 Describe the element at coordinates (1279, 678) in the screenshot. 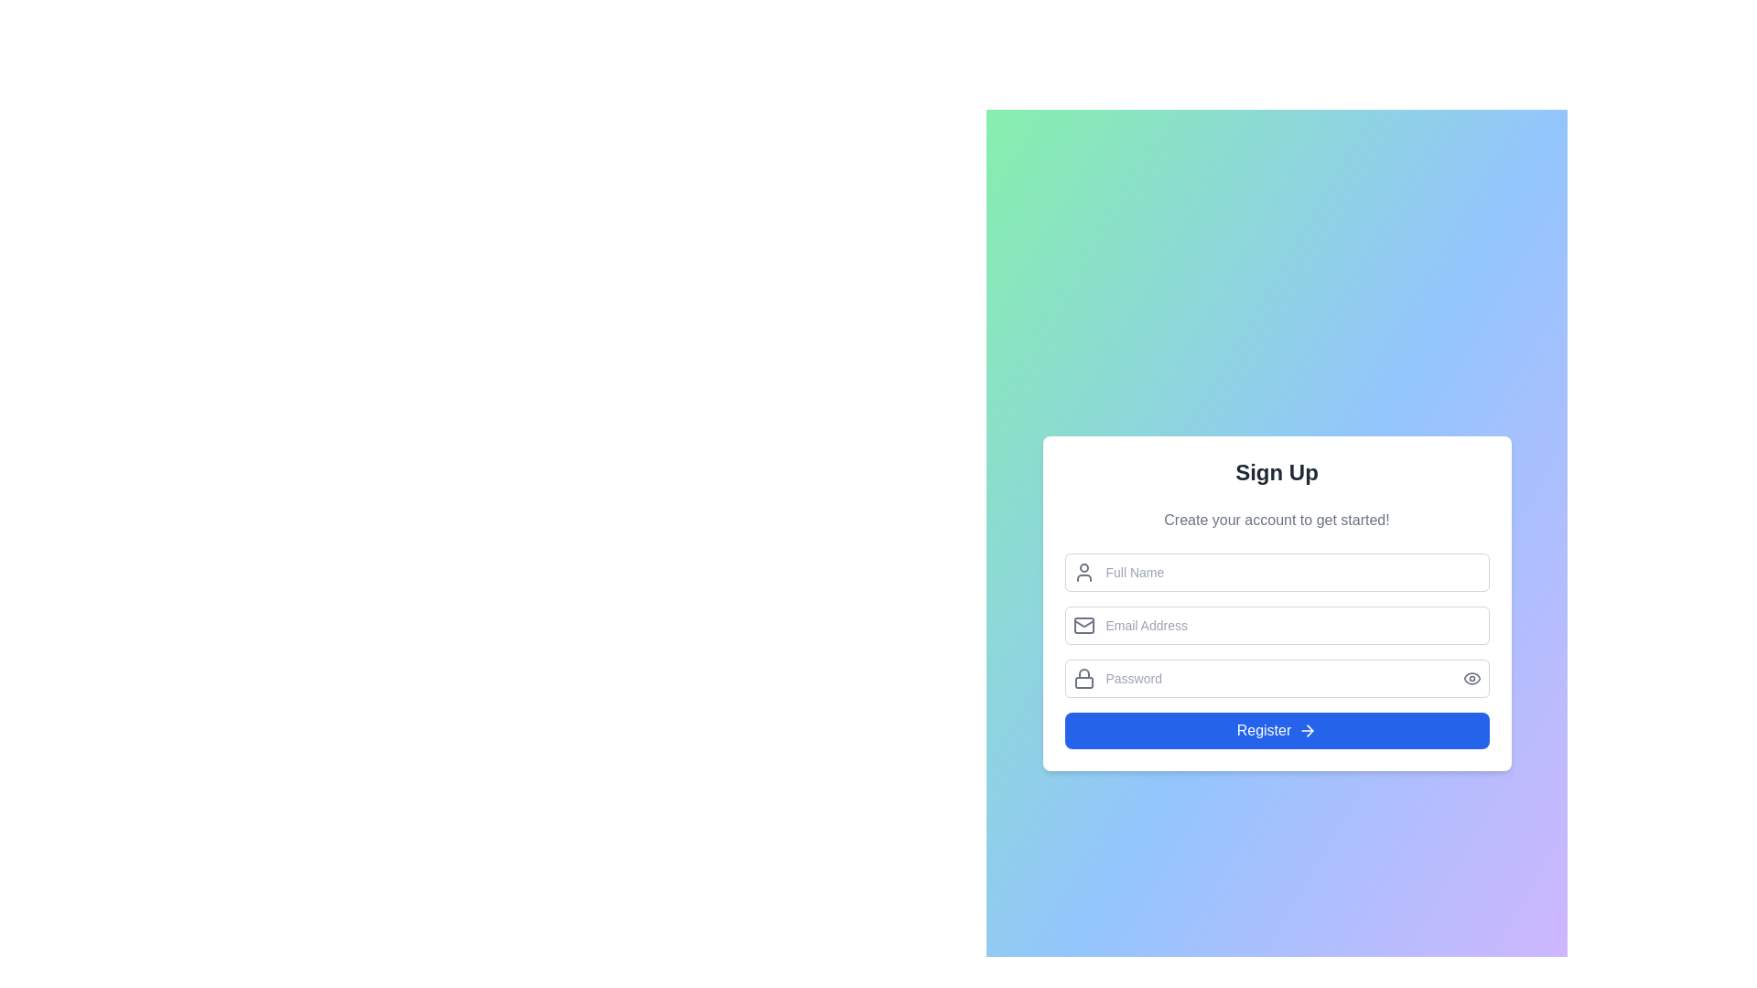

I see `the Password input field by tabbing to focus on it, which is styled with a rounded rectangular border and contains the placeholder text 'Password'` at that location.